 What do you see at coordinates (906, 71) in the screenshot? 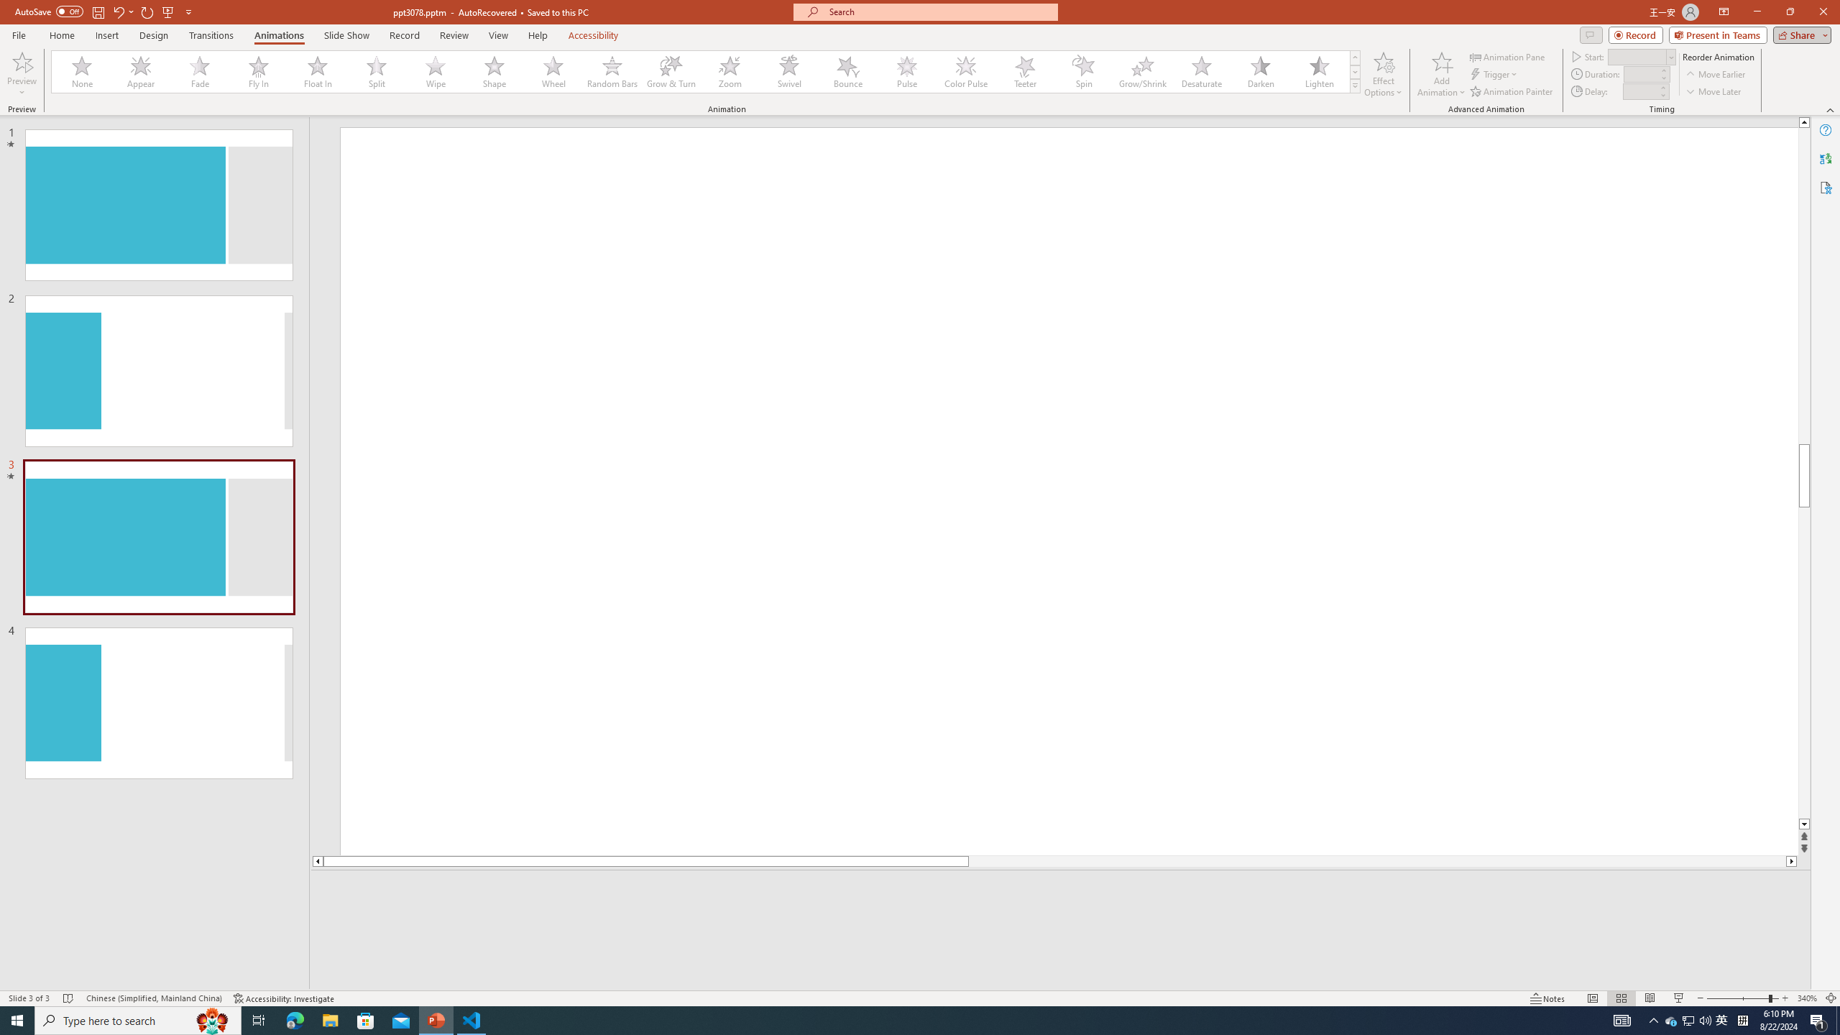
I see `'Pulse'` at bounding box center [906, 71].